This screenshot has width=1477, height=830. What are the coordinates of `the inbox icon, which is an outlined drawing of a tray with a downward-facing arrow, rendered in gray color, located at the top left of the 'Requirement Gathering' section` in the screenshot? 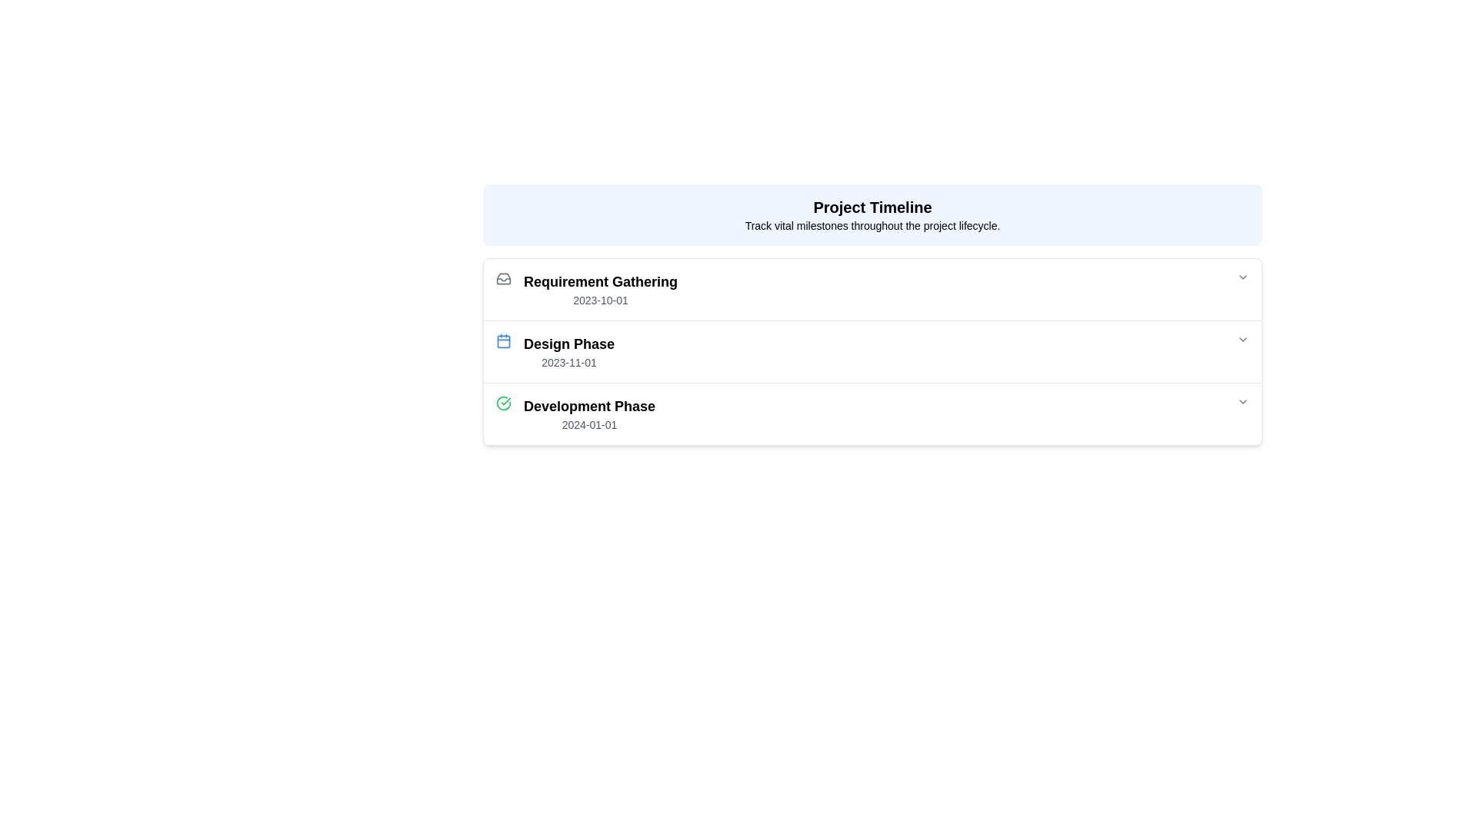 It's located at (503, 278).